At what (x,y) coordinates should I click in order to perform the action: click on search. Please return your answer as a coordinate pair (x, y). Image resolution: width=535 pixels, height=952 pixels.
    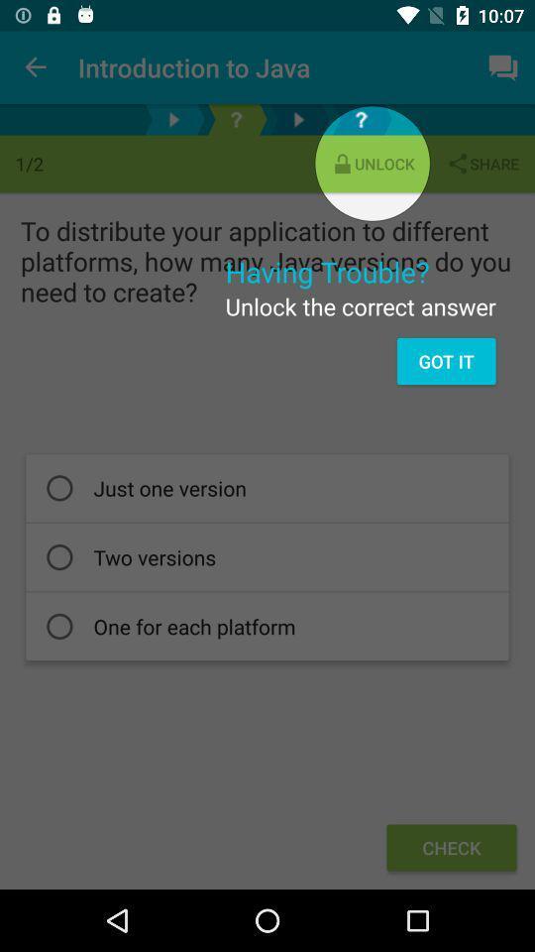
    Looking at the image, I should click on (360, 119).